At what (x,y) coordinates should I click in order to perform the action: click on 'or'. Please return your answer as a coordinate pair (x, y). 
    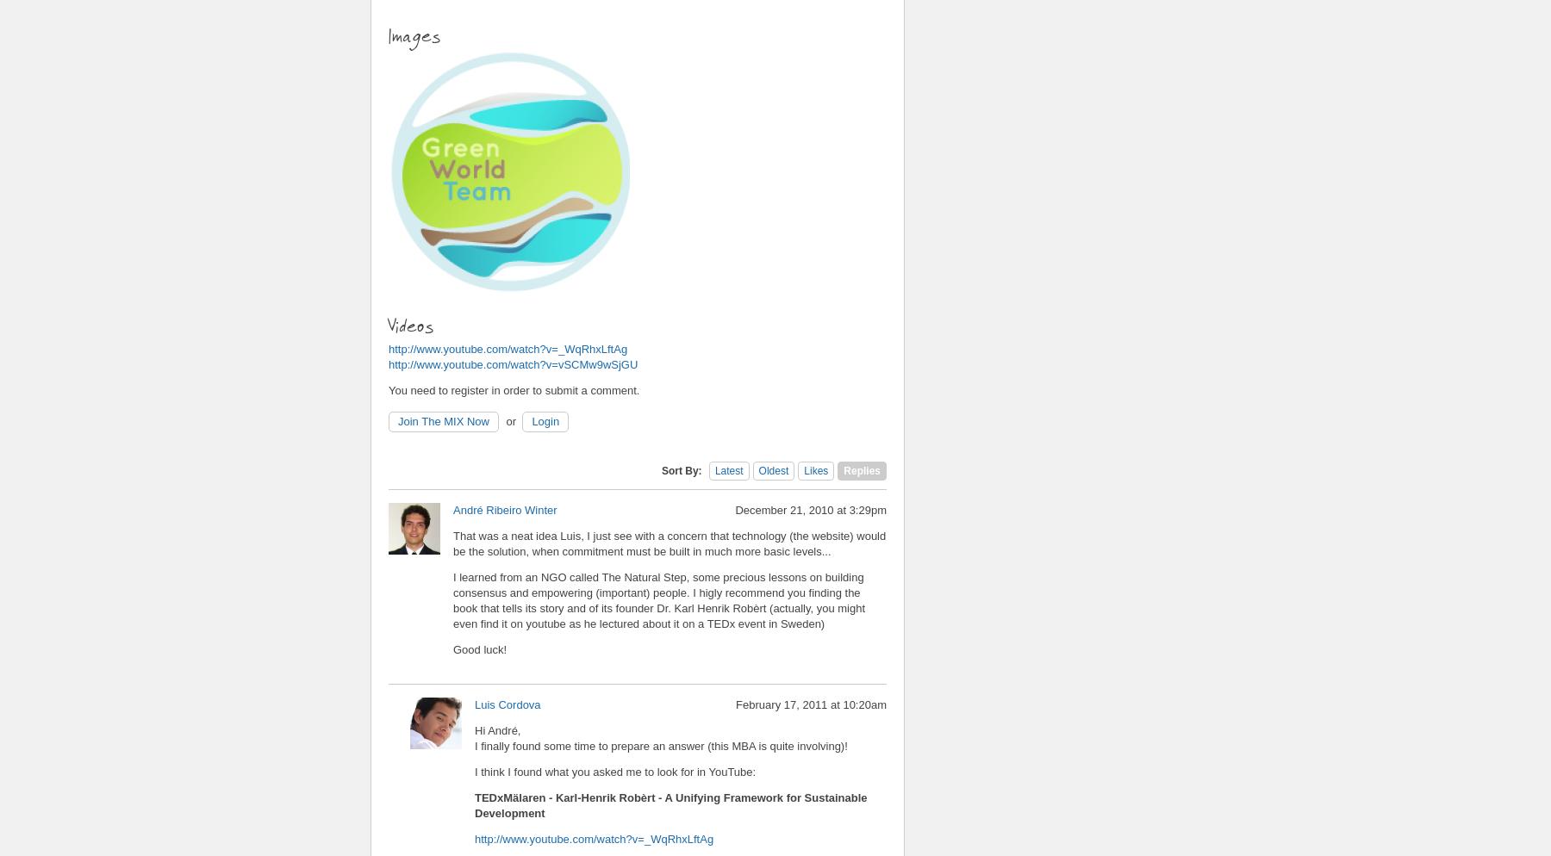
    Looking at the image, I should click on (512, 419).